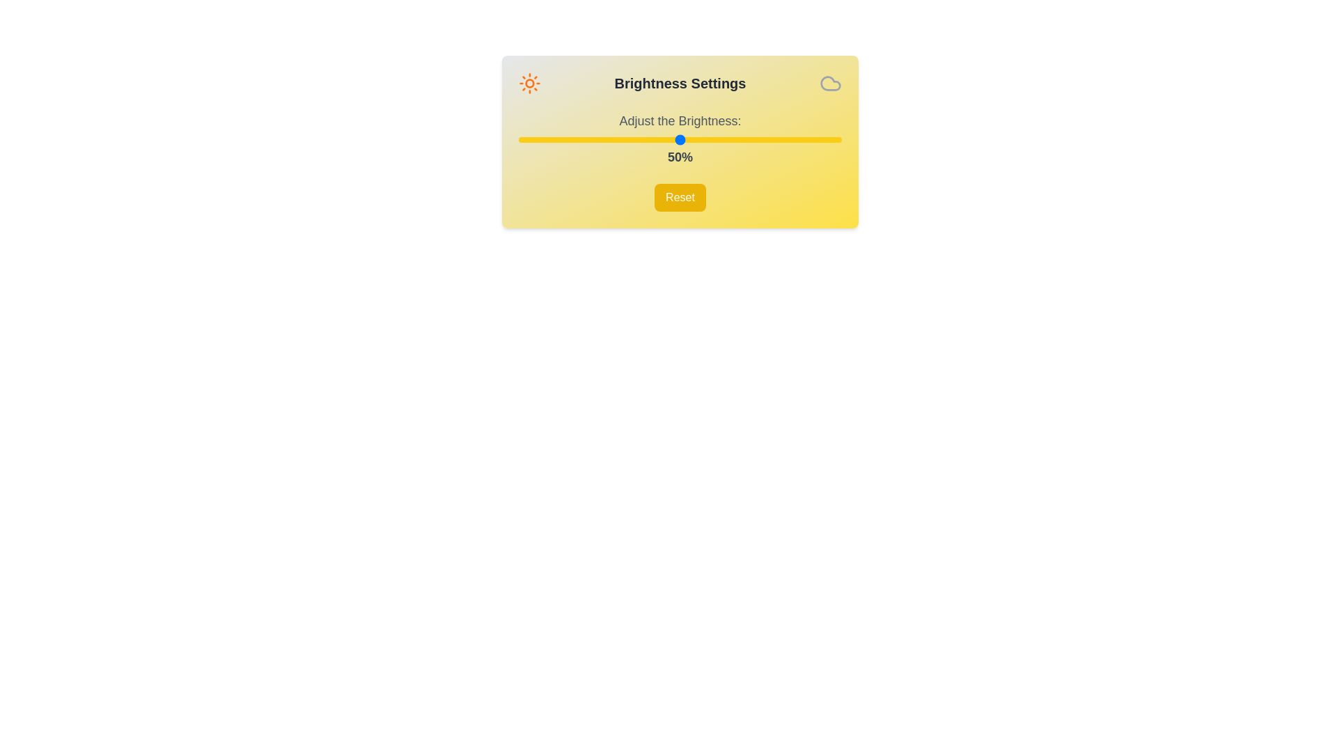  I want to click on the brightness slider to set the brightness level to 72%, so click(751, 139).